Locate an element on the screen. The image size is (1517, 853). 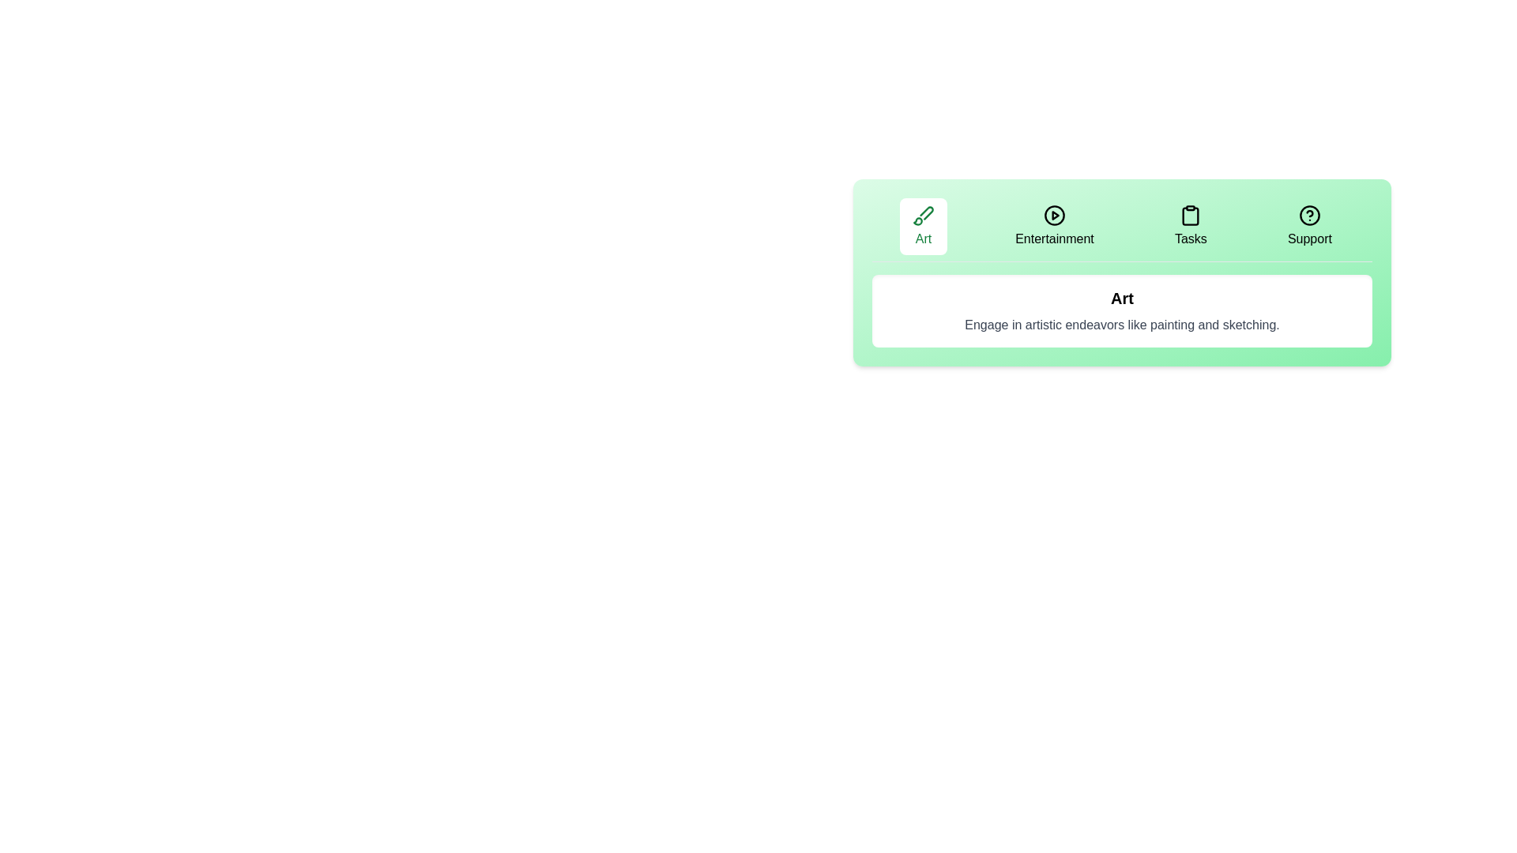
the SVG circle that is part of the help or support icon located to the far right of the horizontal menu bar, above the 'Support' label is located at coordinates (1309, 216).